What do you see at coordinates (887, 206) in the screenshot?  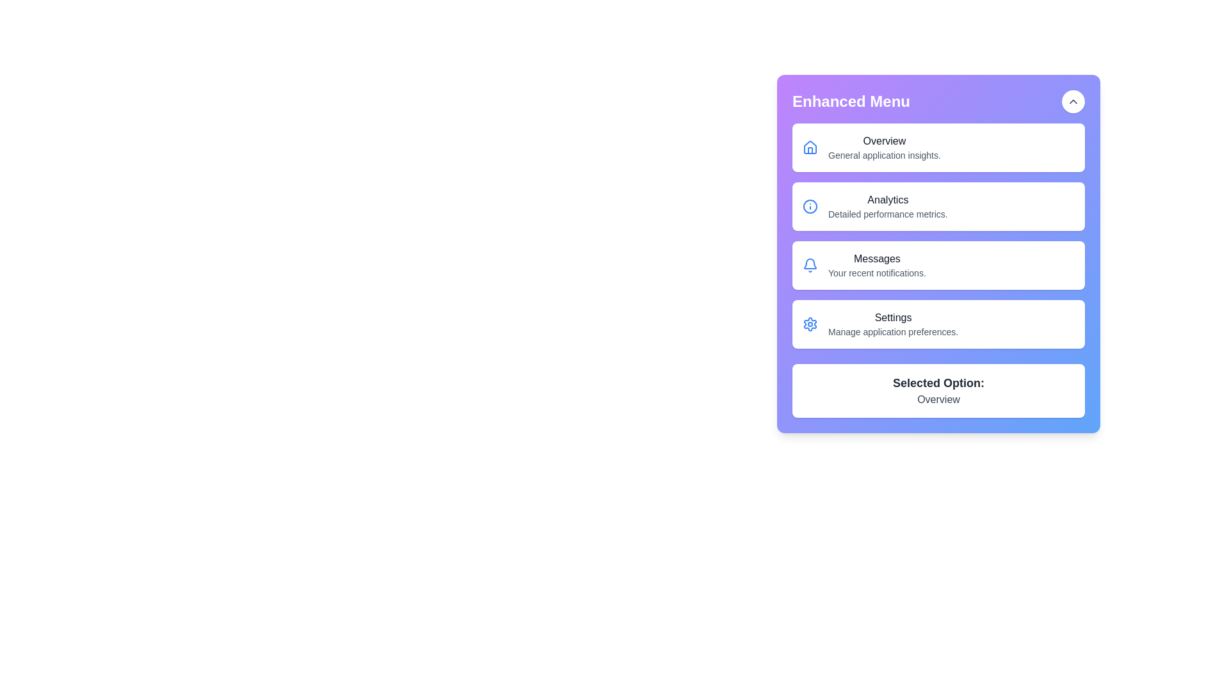 I see `the 'Analytics' menu item, which is the second item in the vertical menu list within the 'Enhanced Menu' panel` at bounding box center [887, 206].